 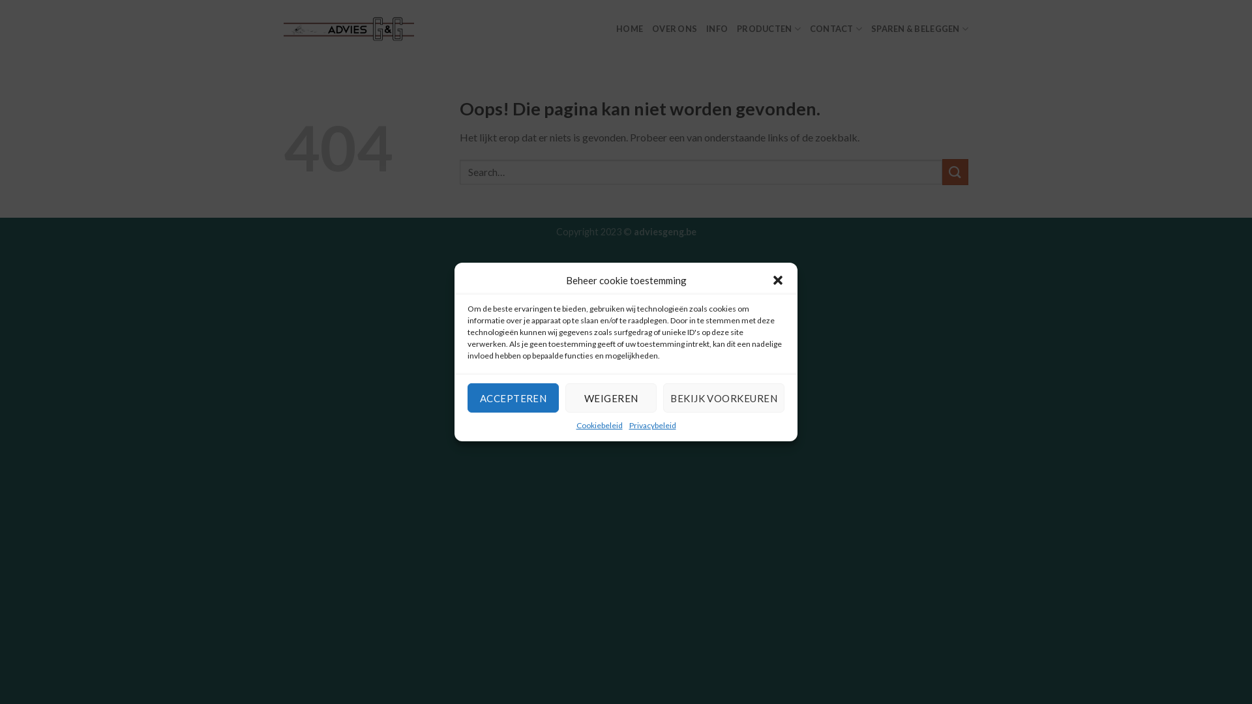 What do you see at coordinates (736, 29) in the screenshot?
I see `'PRODUCTEN'` at bounding box center [736, 29].